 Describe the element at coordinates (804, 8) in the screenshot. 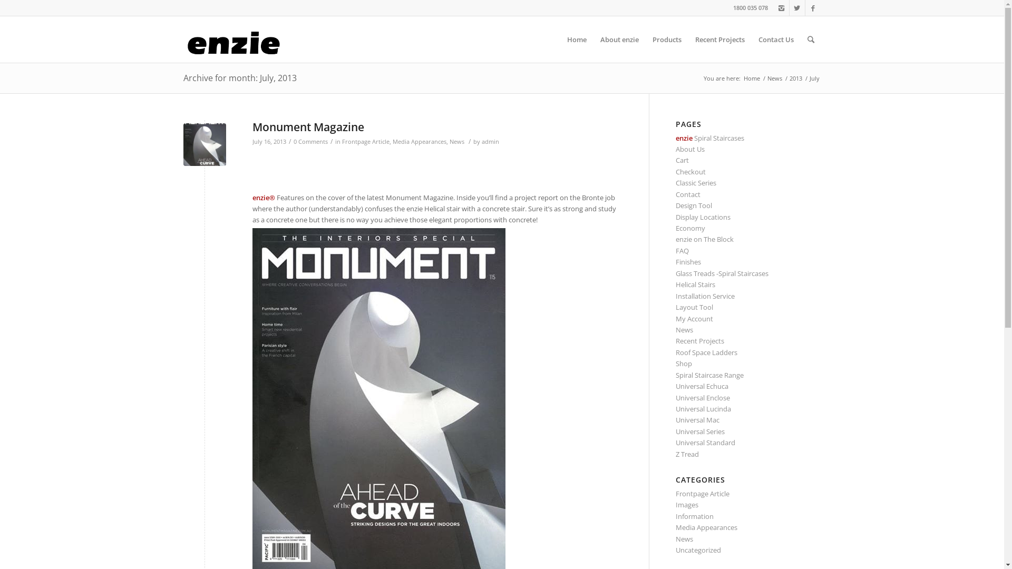

I see `'Facebook'` at that location.